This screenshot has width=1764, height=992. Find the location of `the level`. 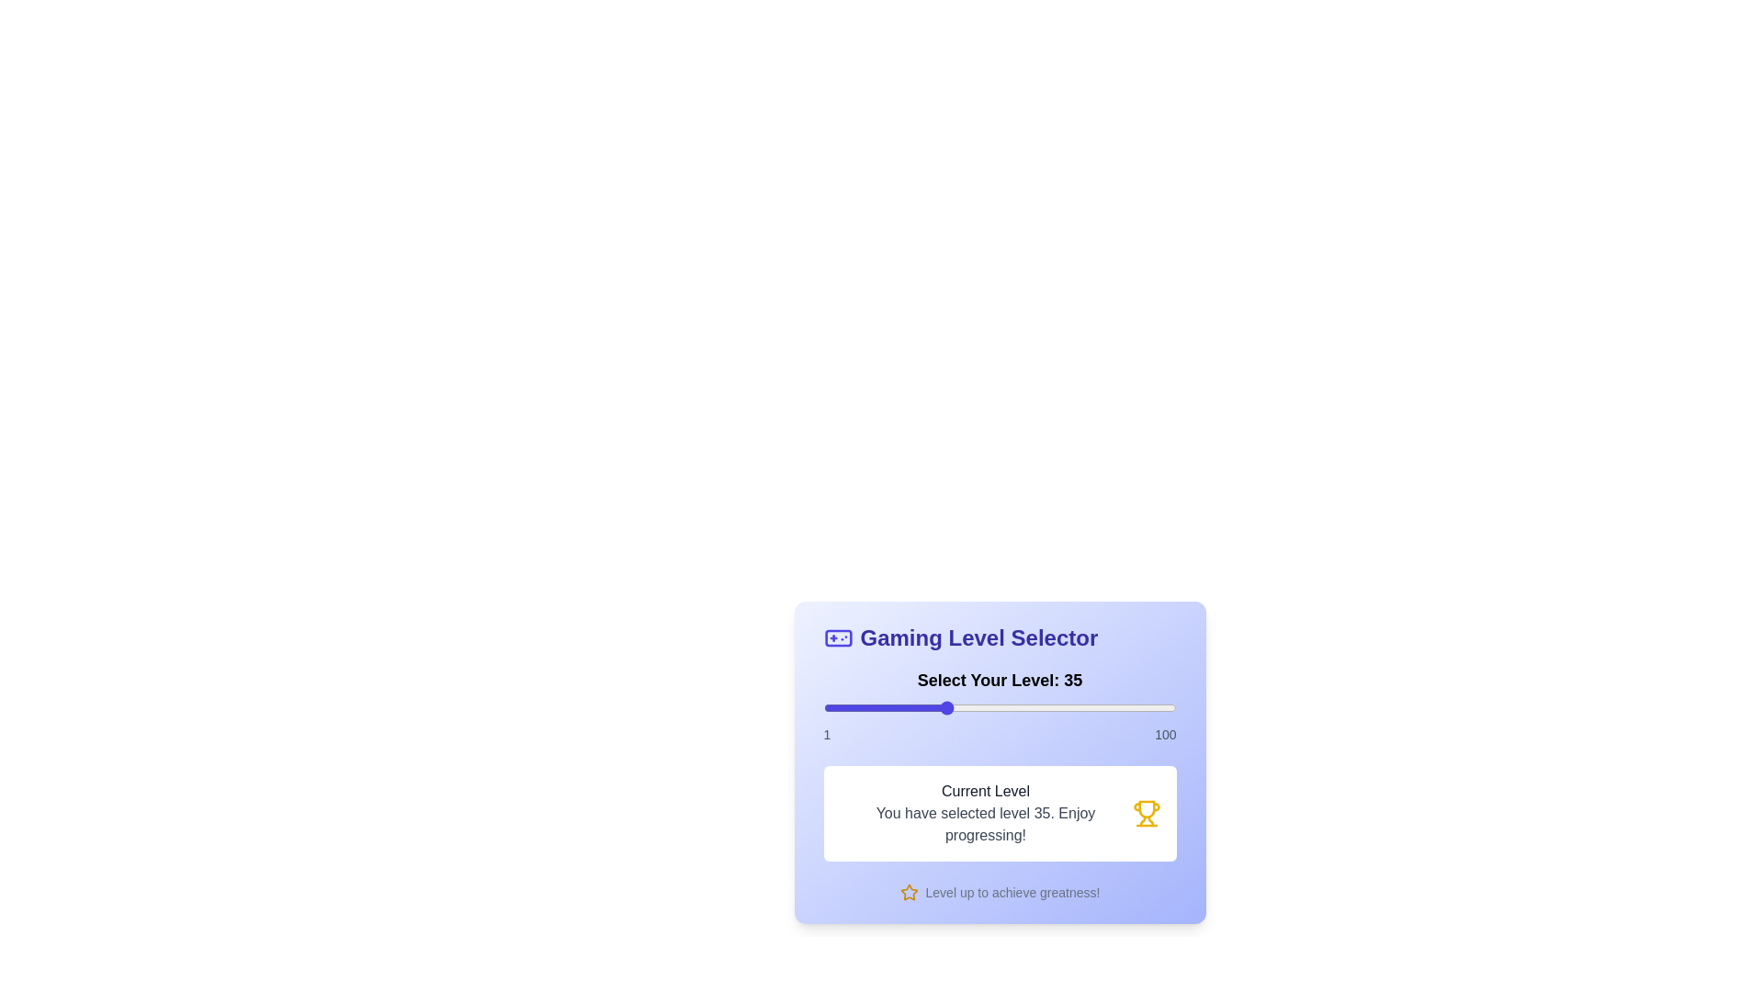

the level is located at coordinates (1083, 707).